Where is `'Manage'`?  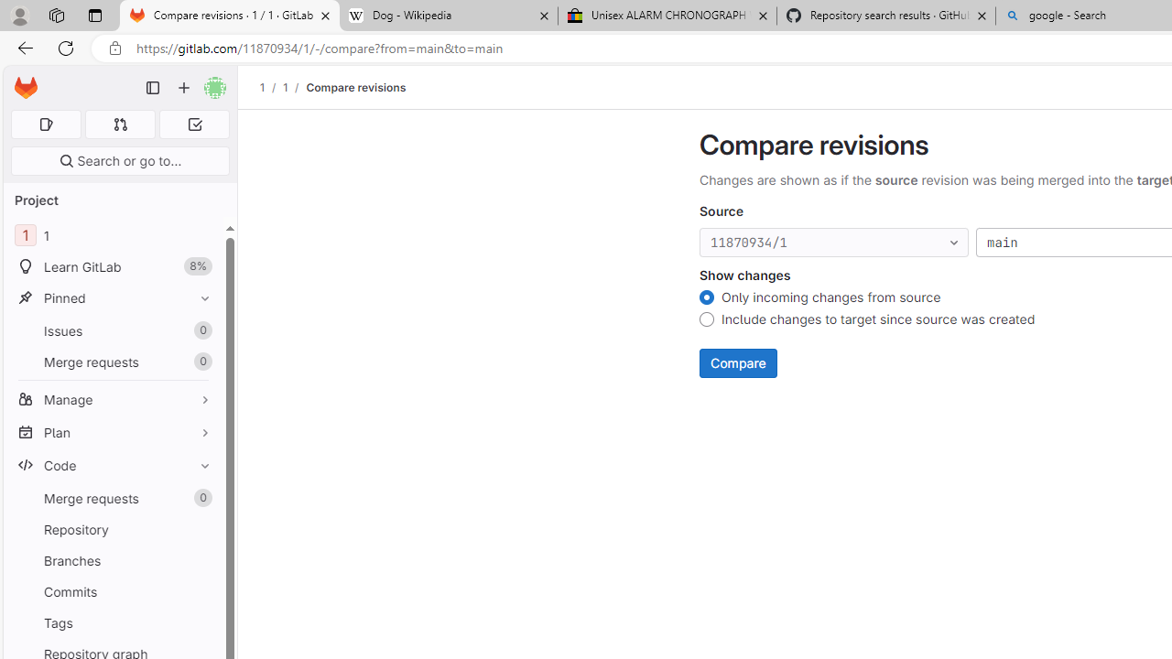
'Manage' is located at coordinates (113, 398).